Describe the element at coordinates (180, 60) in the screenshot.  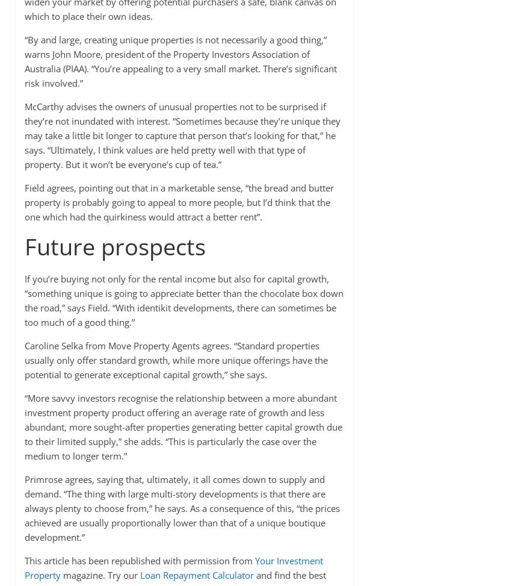
I see `'“By and large, creating unique properties is not necessarily a good thing,” warns John Moore, president of the Property Investors Association of Australia (PIAA). “You’re appealing to a very small market. There’s significant risk involved.”'` at that location.